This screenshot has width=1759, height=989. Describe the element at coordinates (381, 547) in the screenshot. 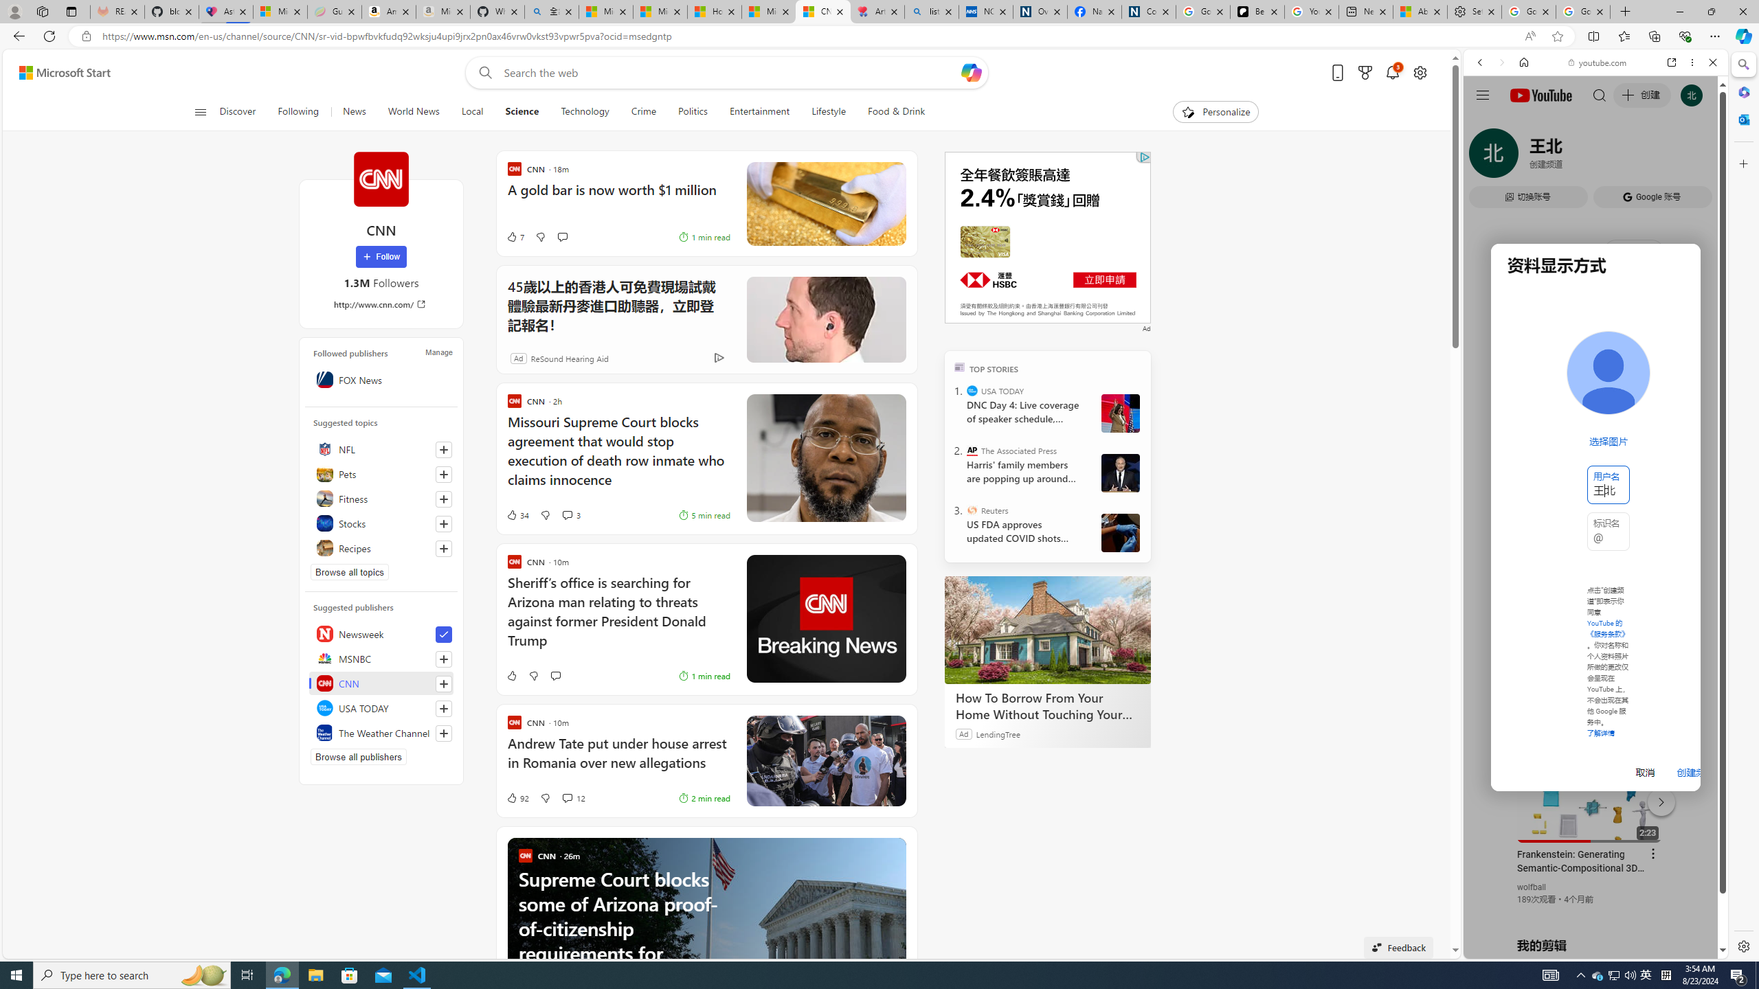

I see `'Recipes'` at that location.